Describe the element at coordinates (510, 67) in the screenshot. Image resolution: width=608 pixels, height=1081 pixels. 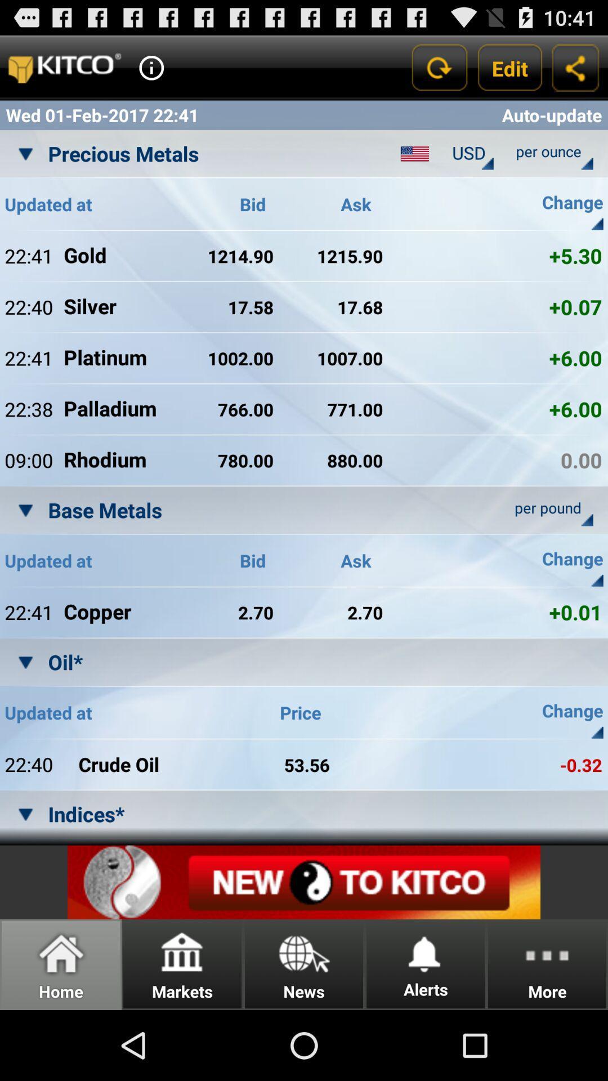
I see `edit item` at that location.